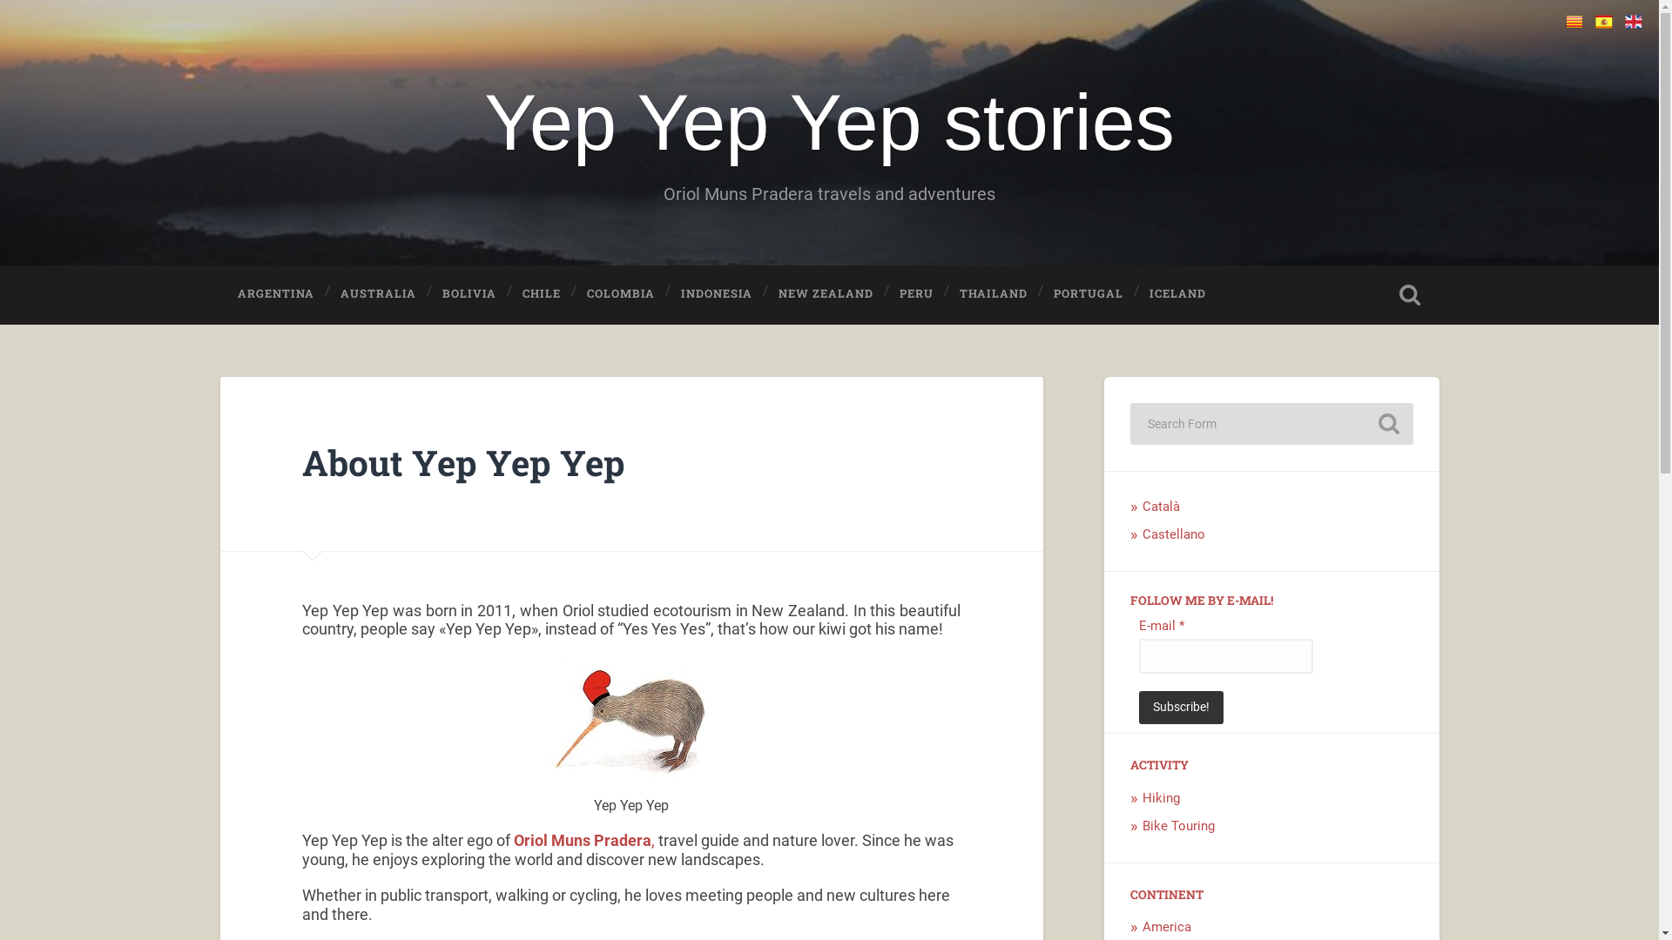 The height and width of the screenshot is (940, 1672). Describe the element at coordinates (469, 292) in the screenshot. I see `'BOLIVIA'` at that location.